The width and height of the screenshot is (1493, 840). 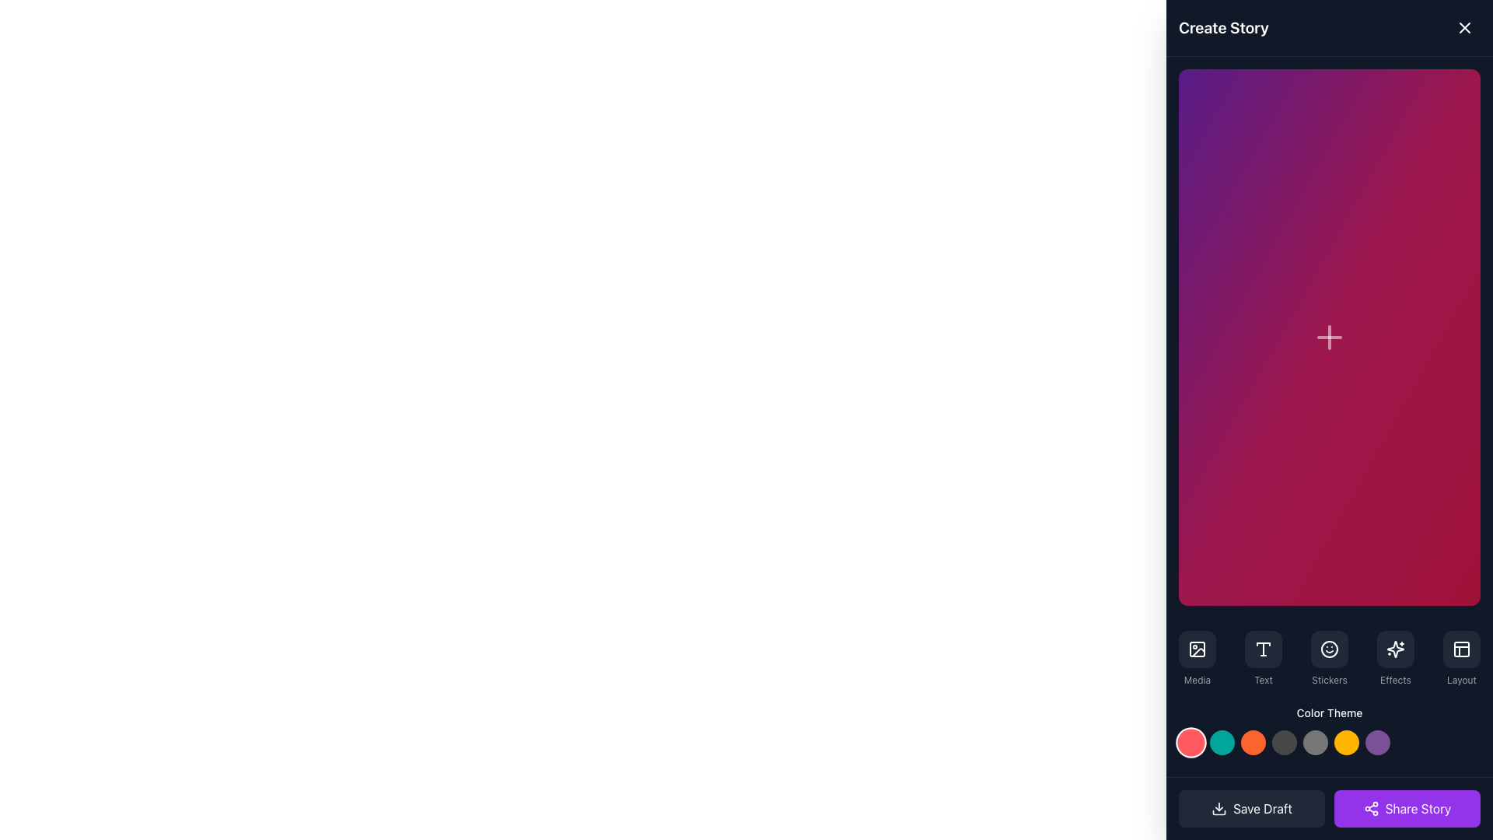 I want to click on the 'Text' button, which is positioned between the 'Media' and 'Stickers' options, so click(x=1264, y=657).